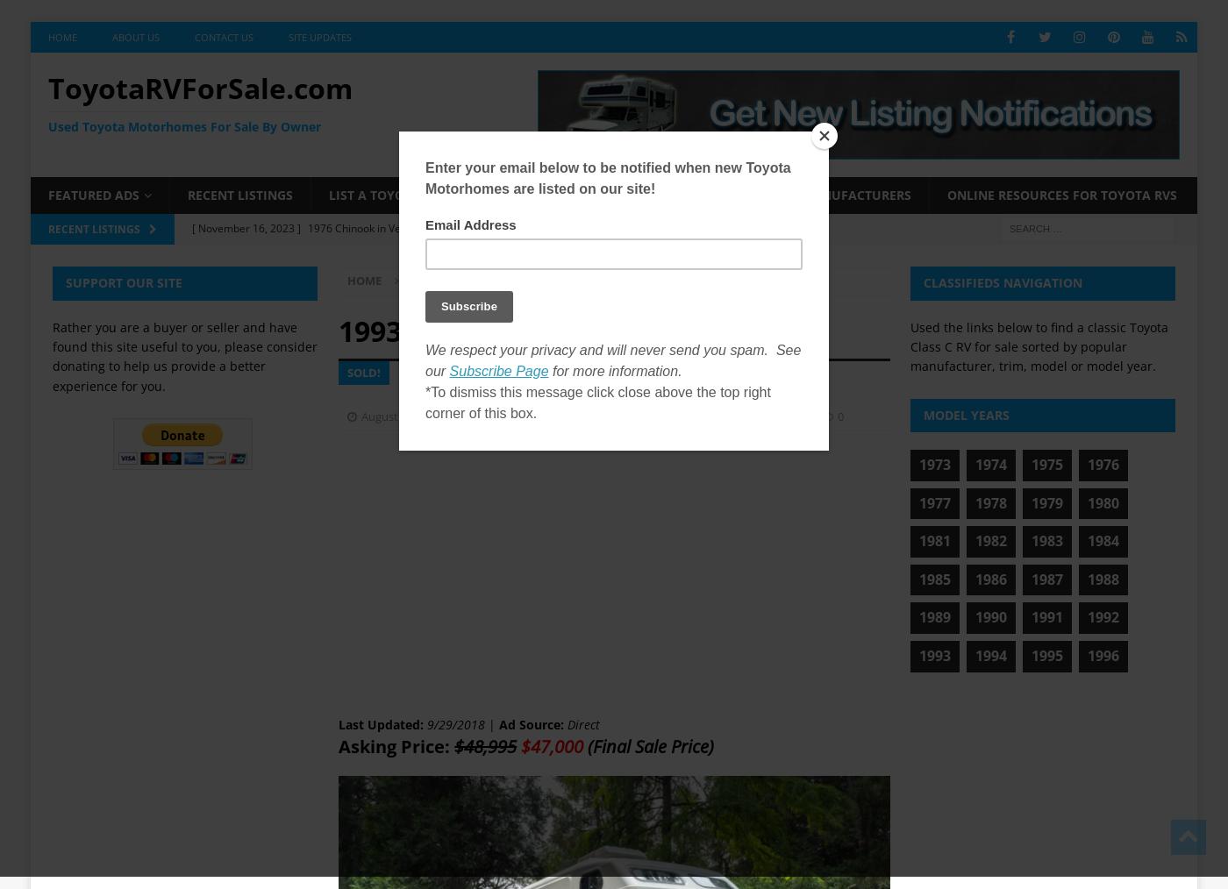  I want to click on '1990', so click(989, 616).